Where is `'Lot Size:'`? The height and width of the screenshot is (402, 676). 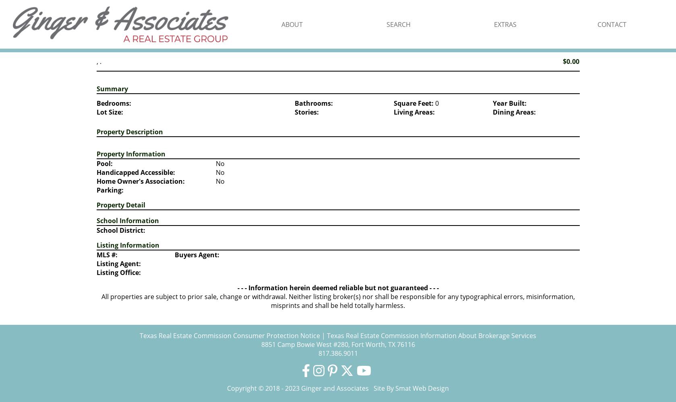 'Lot Size:' is located at coordinates (109, 112).